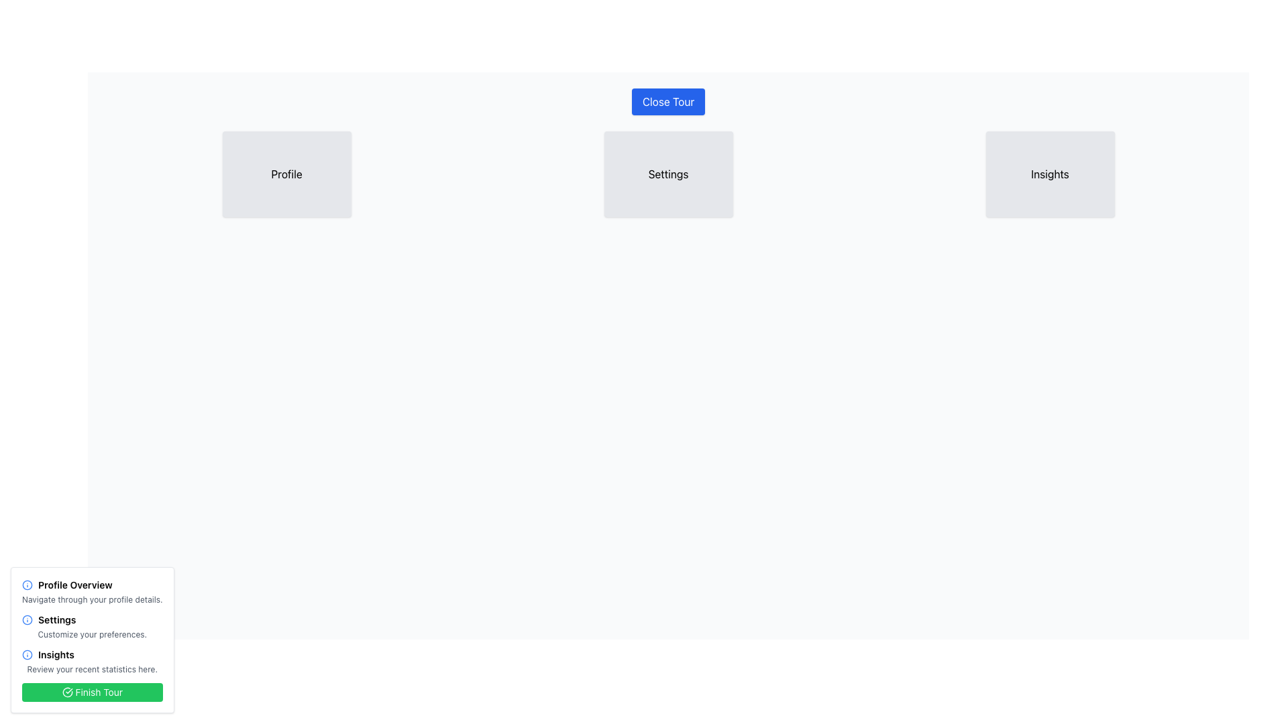 The height and width of the screenshot is (724, 1288). I want to click on the text label that reads 'Customize your preferences.' located below the 'Settings' label in the bottom-left sidebar, so click(91, 634).